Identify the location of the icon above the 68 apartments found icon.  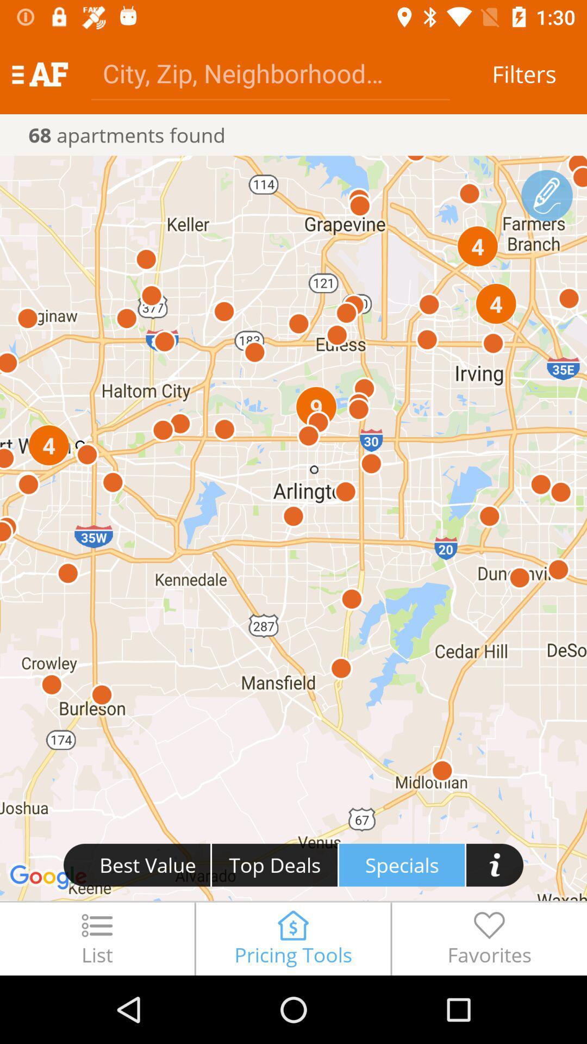
(39, 73).